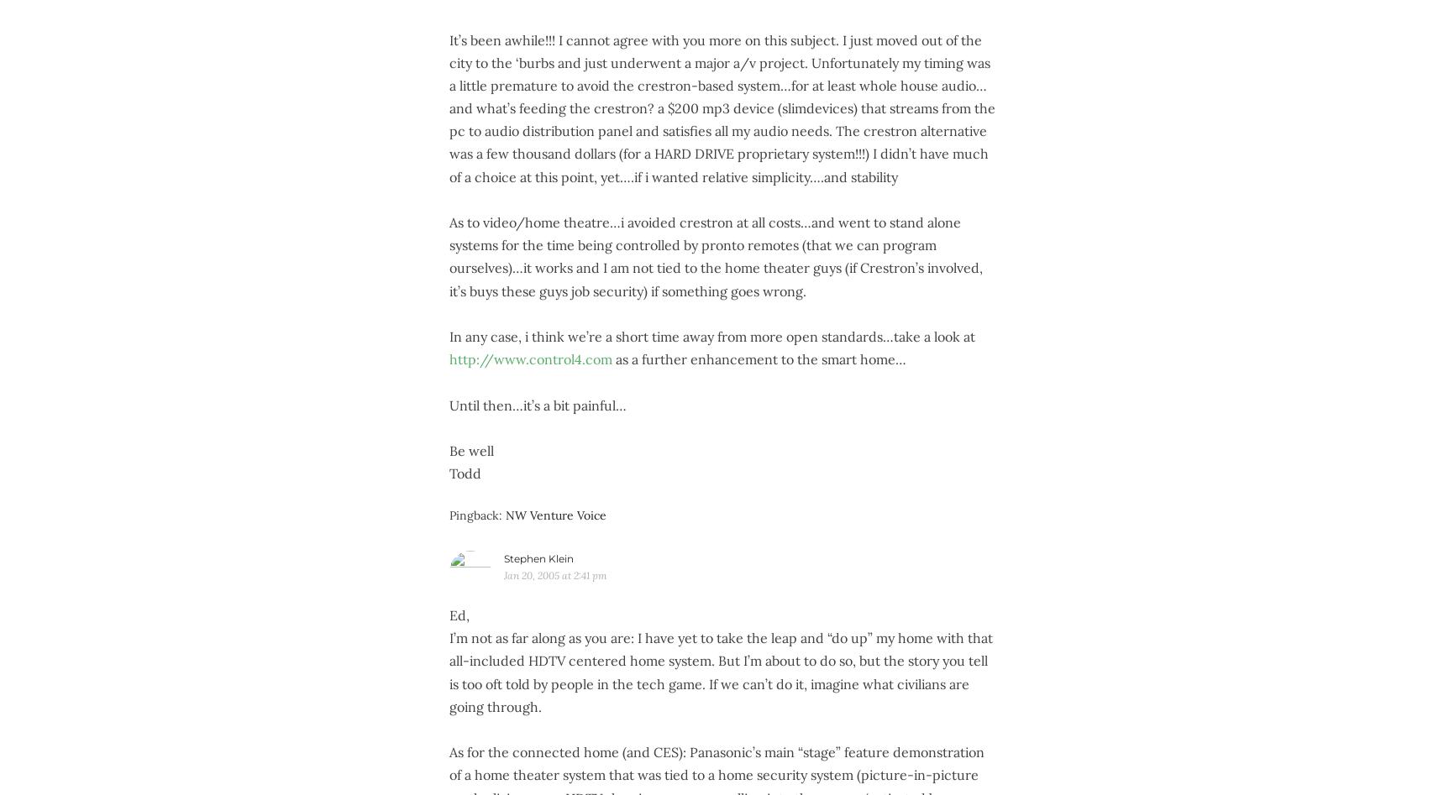  I want to click on 'Until then…it’s a bit painful…', so click(536, 404).